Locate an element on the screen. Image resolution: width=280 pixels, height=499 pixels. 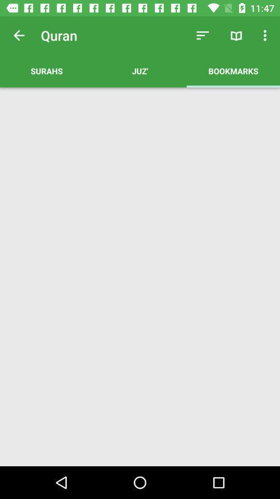
item above the surahs icon is located at coordinates (19, 35).